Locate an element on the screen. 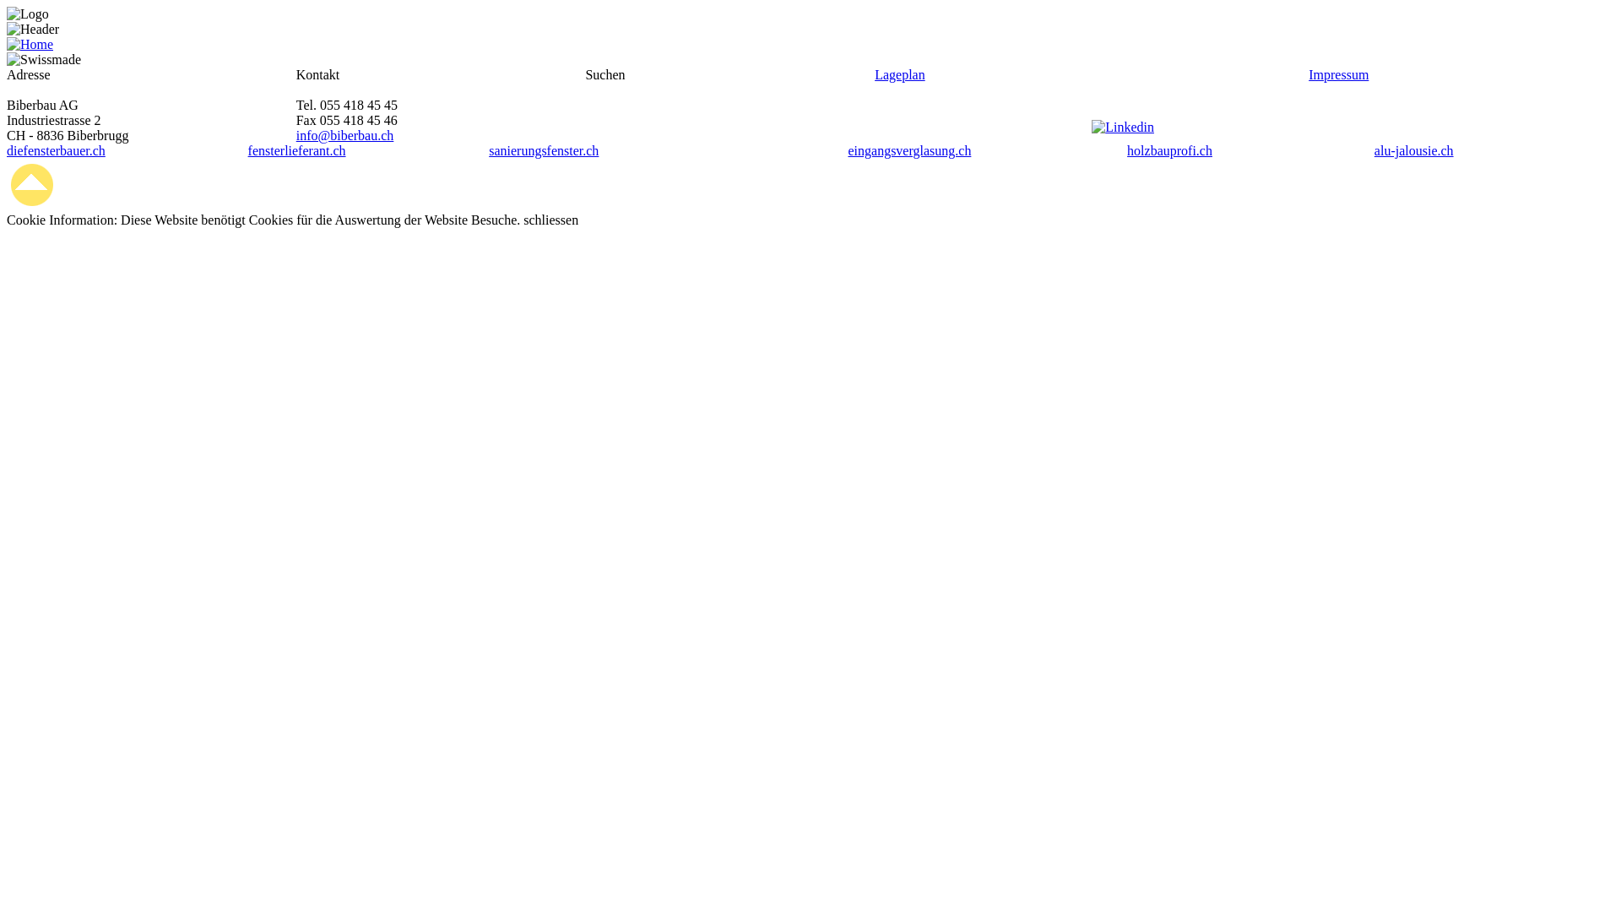 This screenshot has width=1621, height=912. 'Lageplan' is located at coordinates (898, 73).